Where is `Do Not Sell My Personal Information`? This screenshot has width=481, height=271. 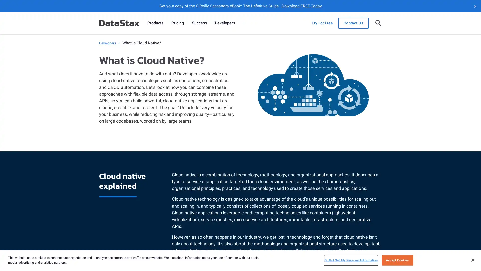 Do Not Sell My Personal Information is located at coordinates (350, 260).